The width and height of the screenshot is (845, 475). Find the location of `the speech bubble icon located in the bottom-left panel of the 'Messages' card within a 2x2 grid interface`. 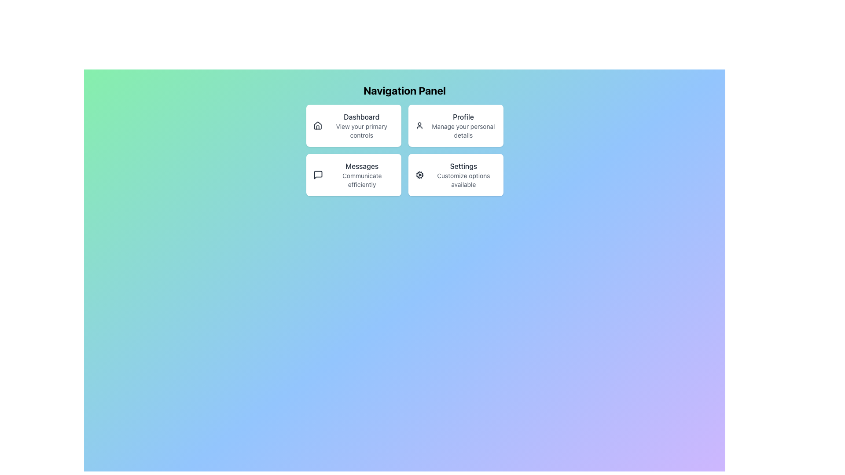

the speech bubble icon located in the bottom-left panel of the 'Messages' card within a 2x2 grid interface is located at coordinates (317, 175).